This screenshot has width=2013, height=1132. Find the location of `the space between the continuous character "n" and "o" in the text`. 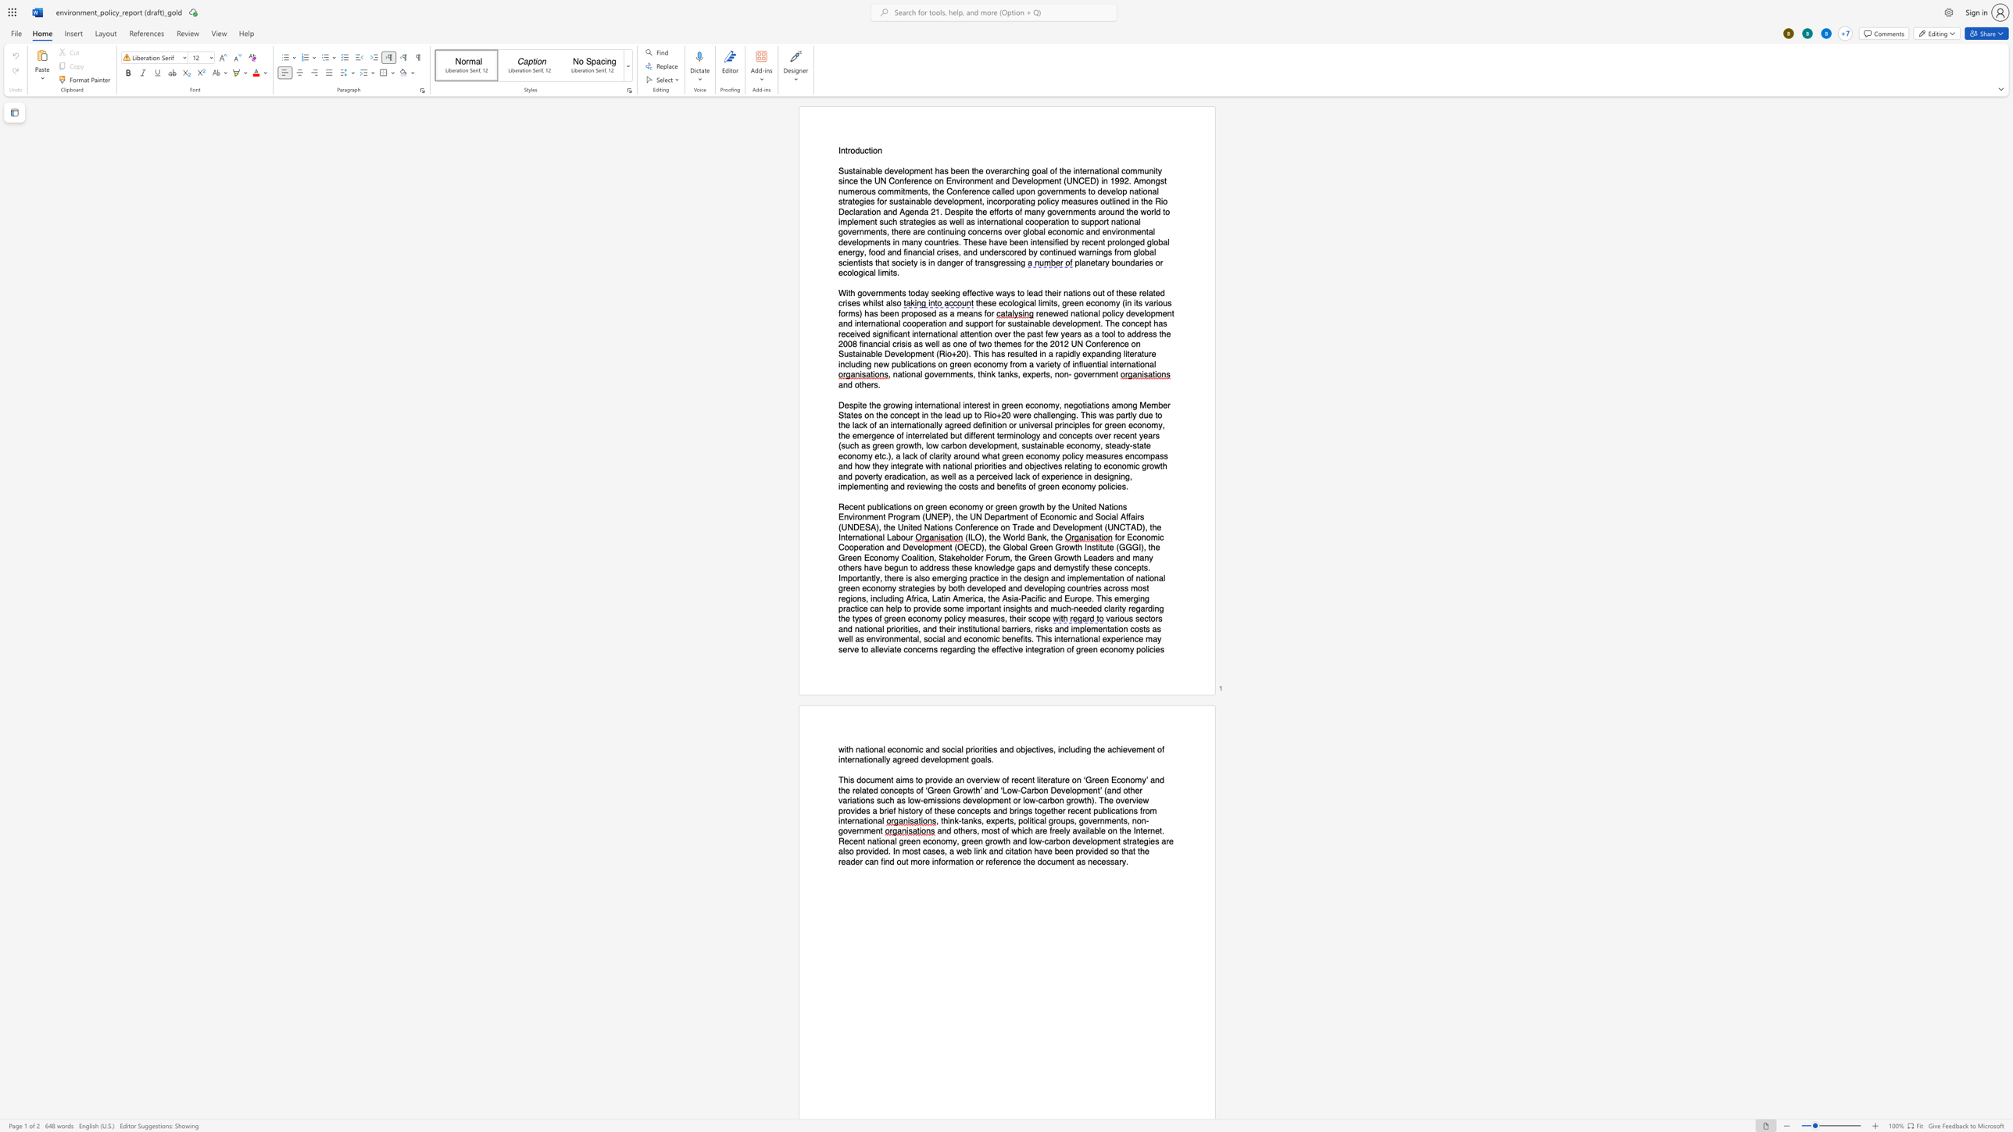

the space between the continuous character "n" and "o" in the text is located at coordinates (925, 618).